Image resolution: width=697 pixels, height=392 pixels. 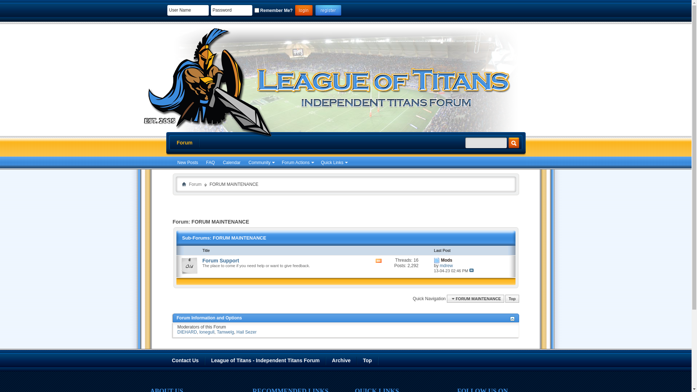 I want to click on 'New Posts', so click(x=187, y=162).